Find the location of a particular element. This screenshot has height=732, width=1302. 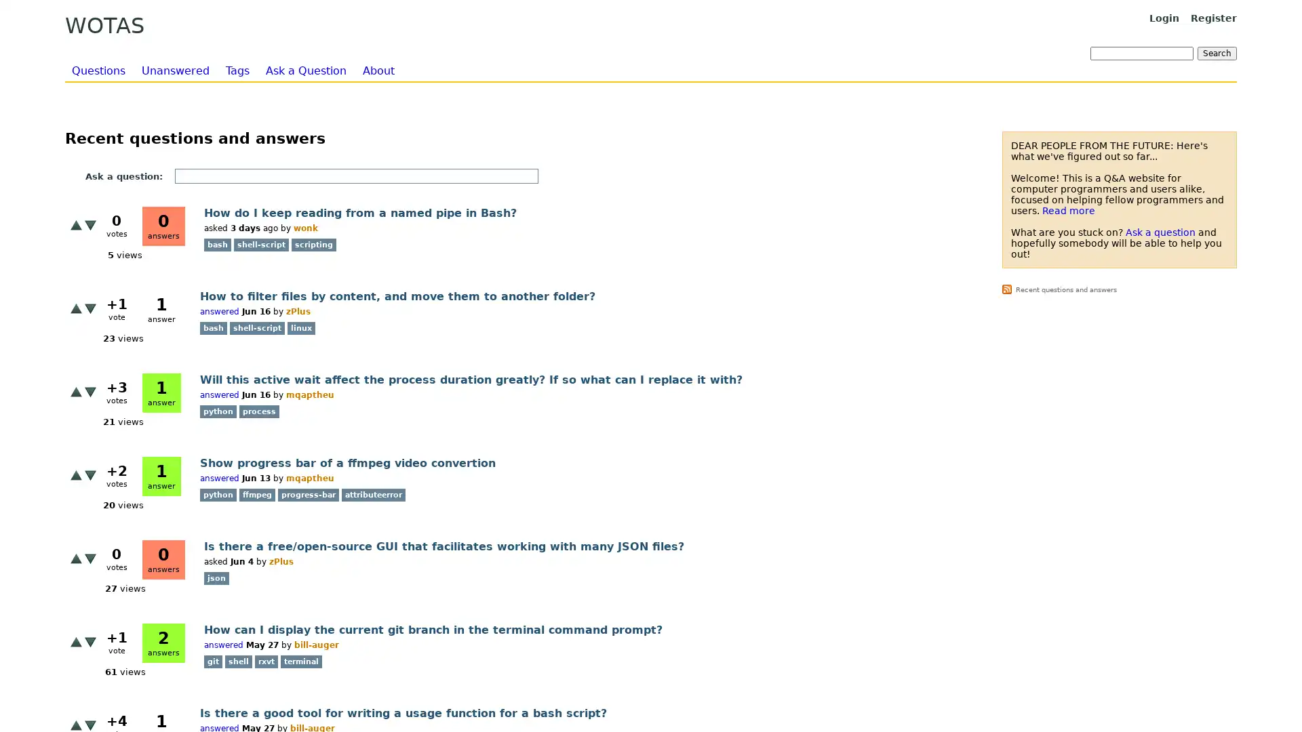

+ is located at coordinates (75, 725).